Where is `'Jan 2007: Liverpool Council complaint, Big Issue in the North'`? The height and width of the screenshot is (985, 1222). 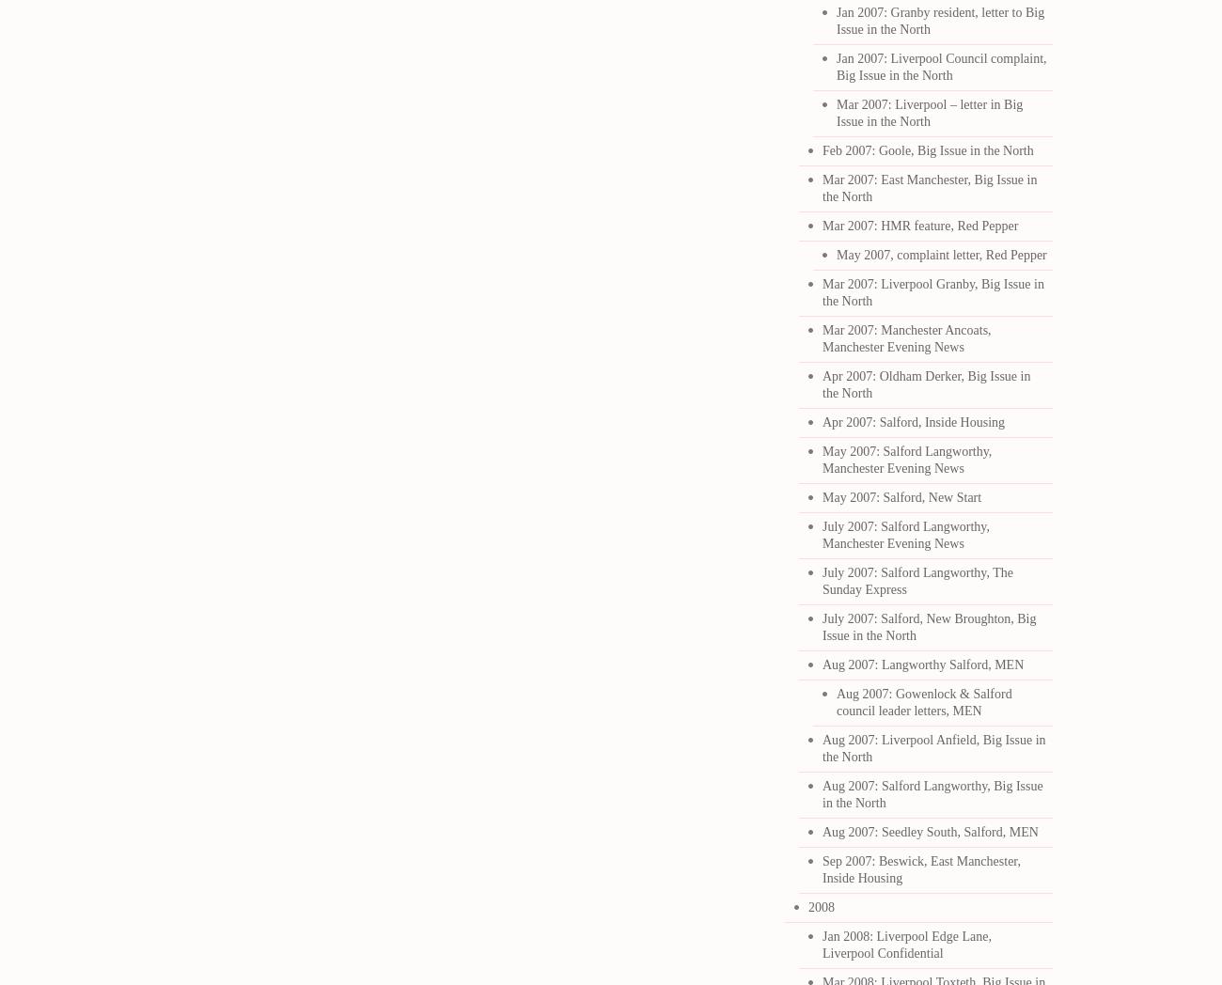
'Jan 2007: Liverpool Council complaint, Big Issue in the North' is located at coordinates (940, 67).